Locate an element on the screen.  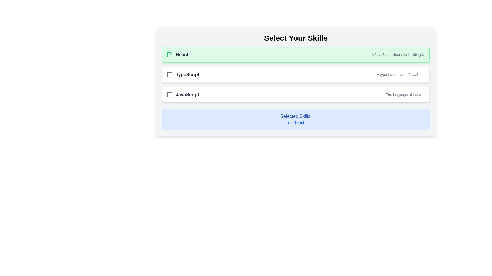
the checkbox for the 'TypeScript' skill is located at coordinates (170, 75).